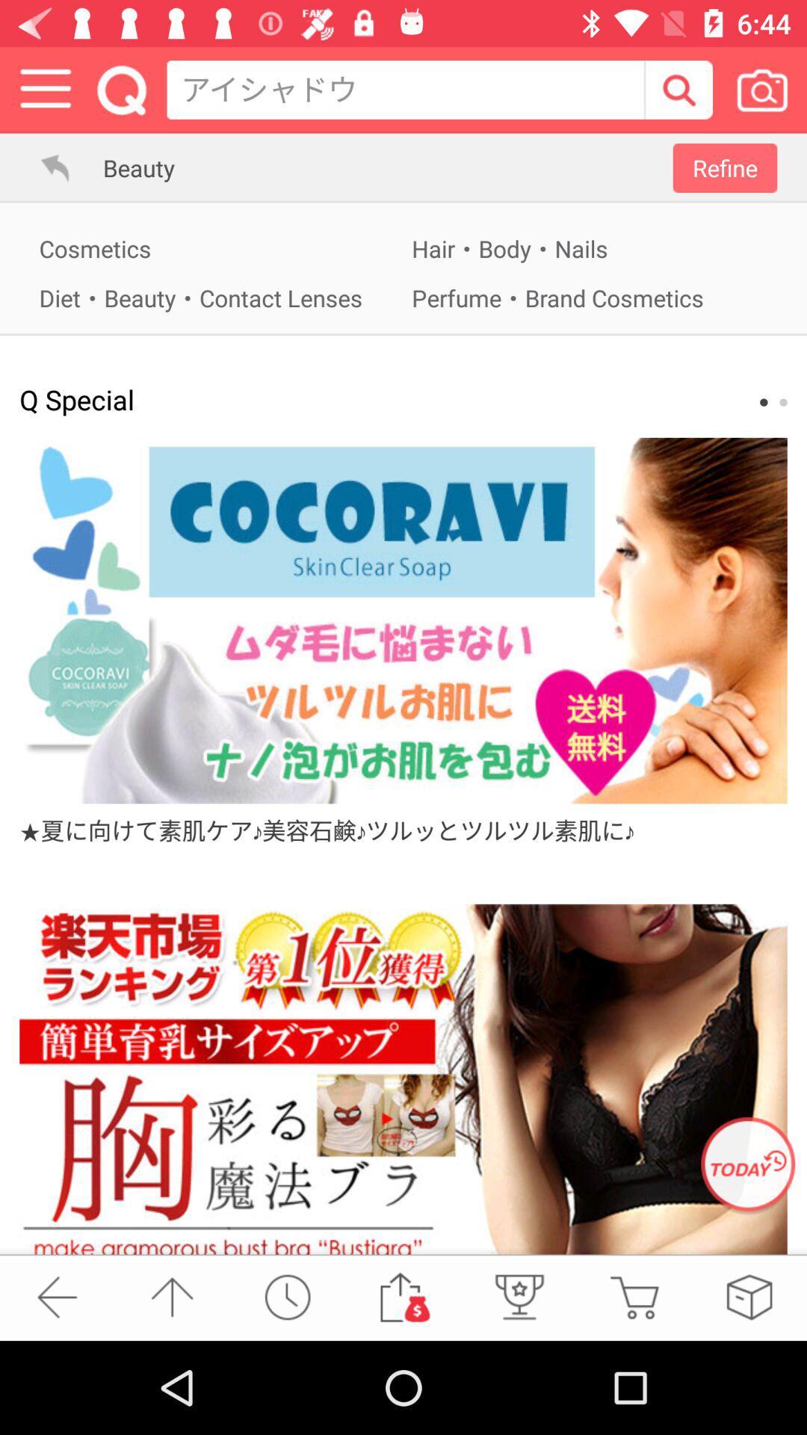 Image resolution: width=807 pixels, height=1435 pixels. What do you see at coordinates (56, 1296) in the screenshot?
I see `back` at bounding box center [56, 1296].